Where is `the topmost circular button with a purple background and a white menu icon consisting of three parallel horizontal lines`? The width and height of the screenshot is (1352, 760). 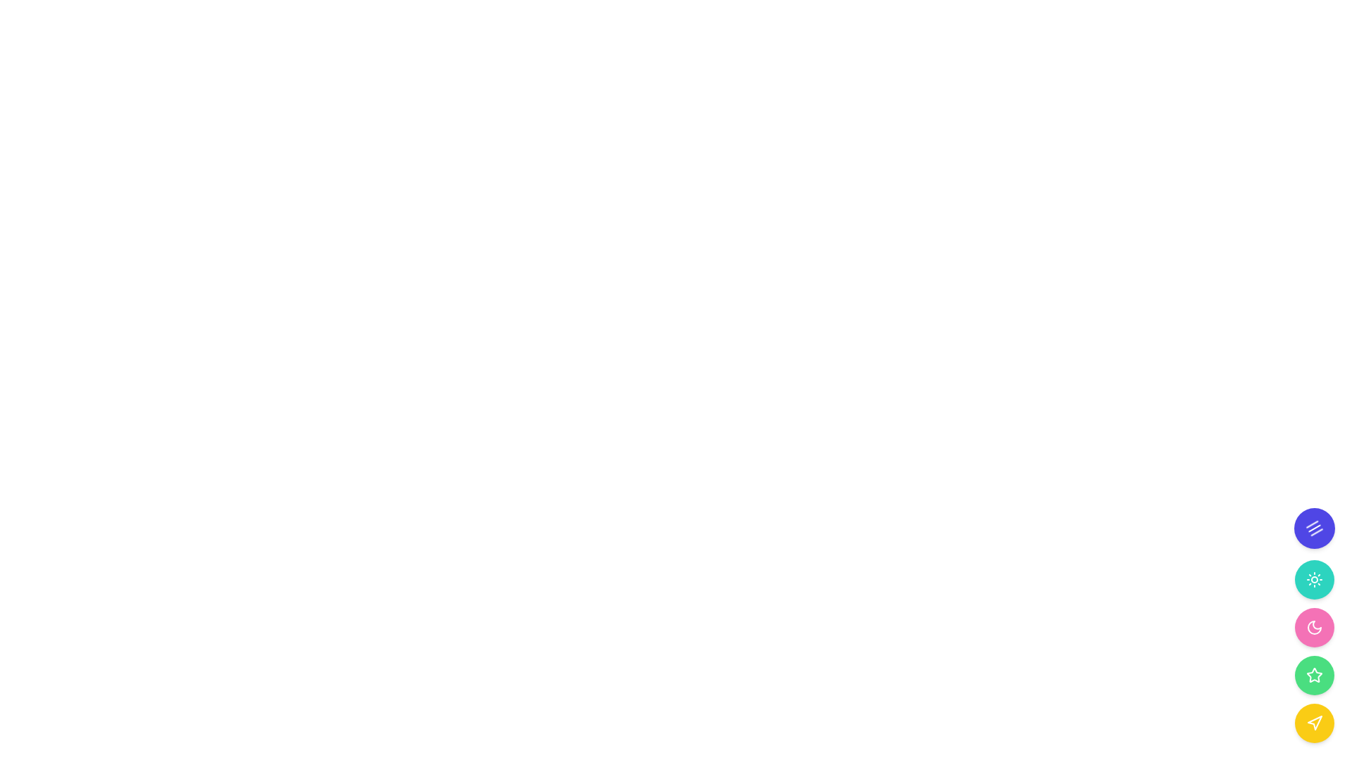
the topmost circular button with a purple background and a white menu icon consisting of three parallel horizontal lines is located at coordinates (1314, 528).